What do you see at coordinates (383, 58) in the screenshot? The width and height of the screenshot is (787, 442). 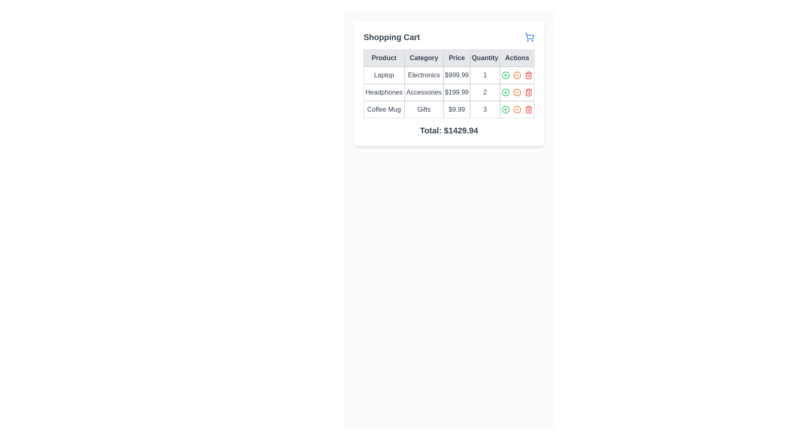 I see `the 'Product' column header cell in the table, which is the first header cell located in the top-left area of the table, above the 'Laptop' entry` at bounding box center [383, 58].